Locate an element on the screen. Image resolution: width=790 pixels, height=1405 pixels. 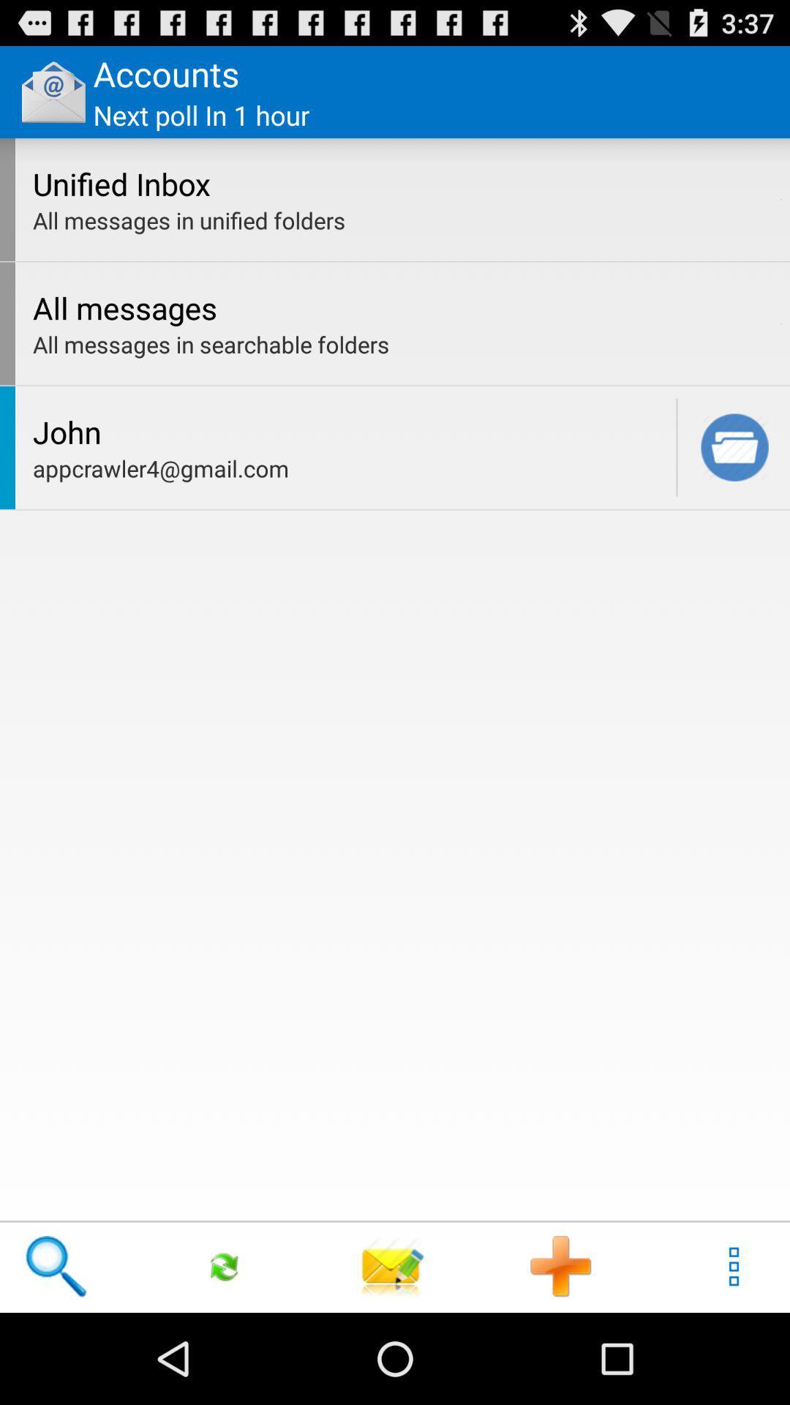
the app above the all messages in app is located at coordinates (780, 323).